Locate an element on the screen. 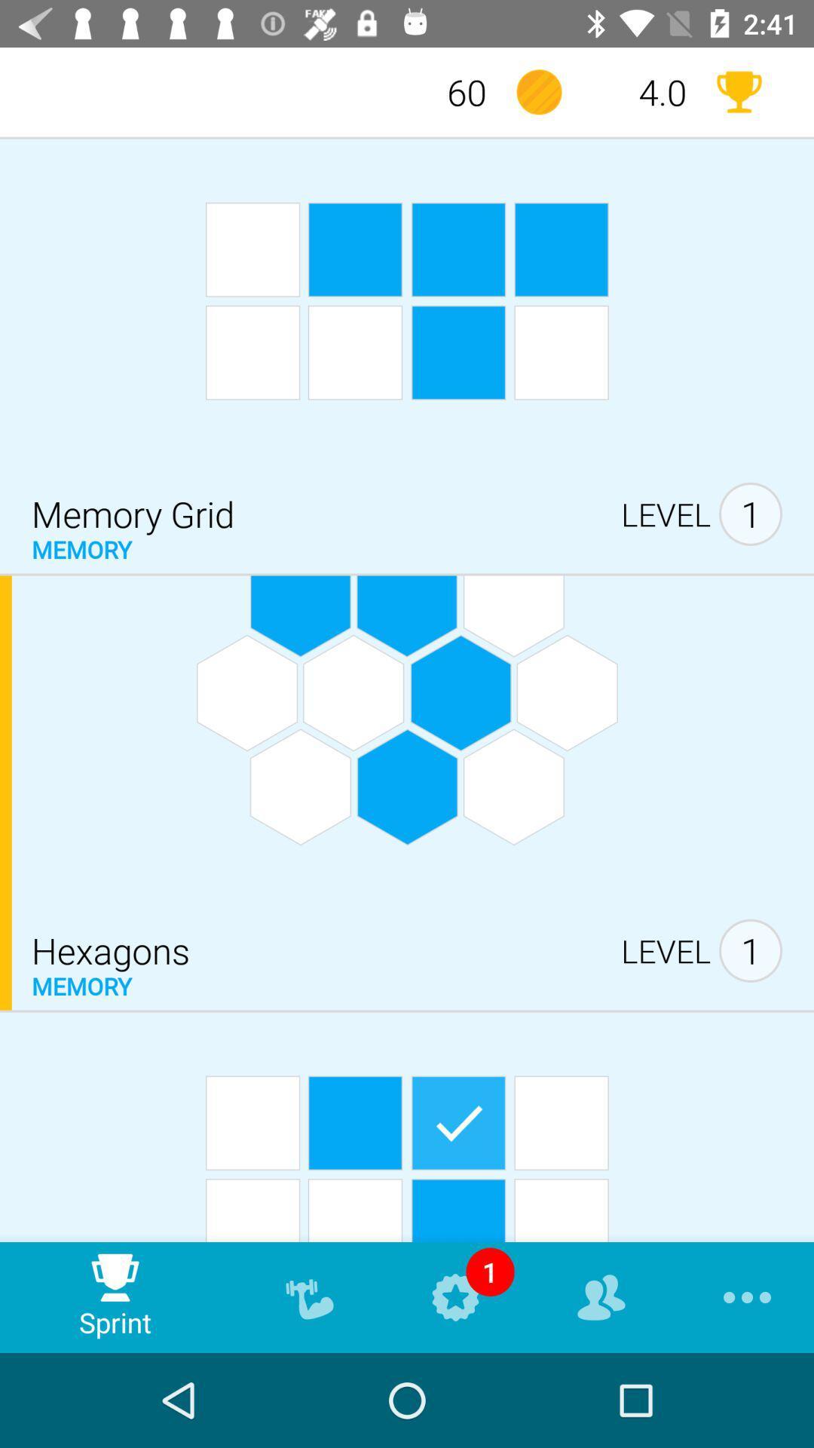  the item next to the 4.0 is located at coordinates (738, 91).